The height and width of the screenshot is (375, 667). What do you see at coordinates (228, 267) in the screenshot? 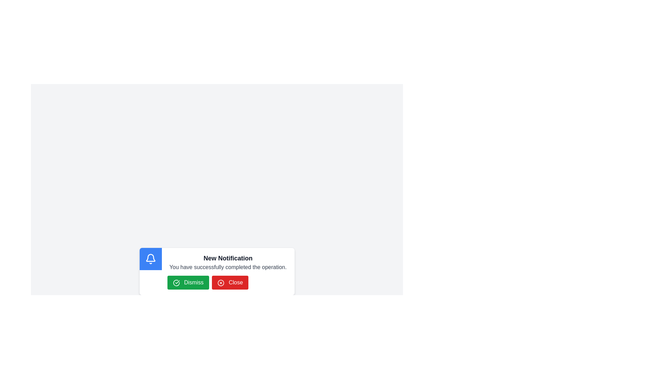
I see `the textual notification message that reads 'You have successfully completed the operation.' located below the title 'New Notification.'` at bounding box center [228, 267].